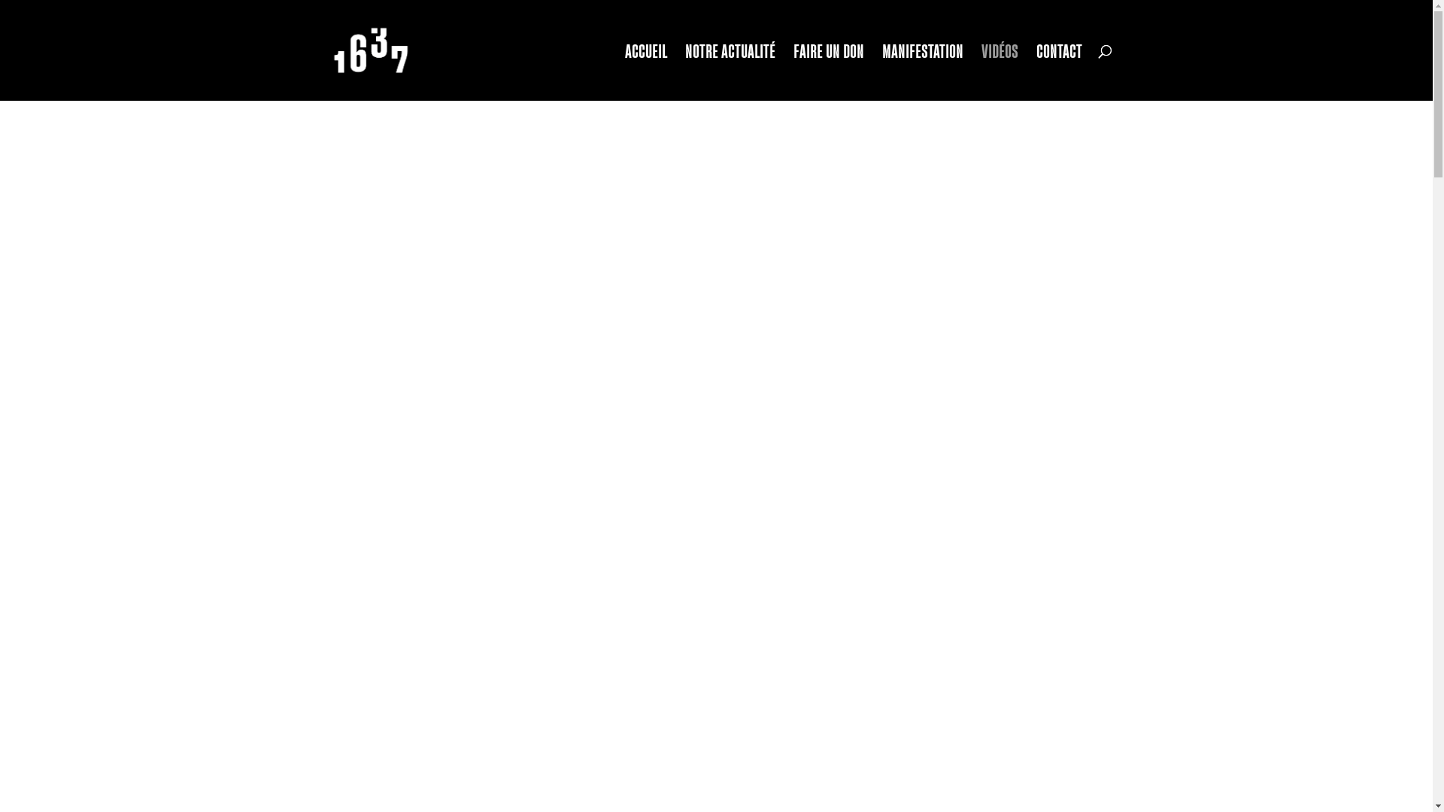 This screenshot has height=812, width=1444. Describe the element at coordinates (828, 72) in the screenshot. I see `'FAIRE UN DON'` at that location.